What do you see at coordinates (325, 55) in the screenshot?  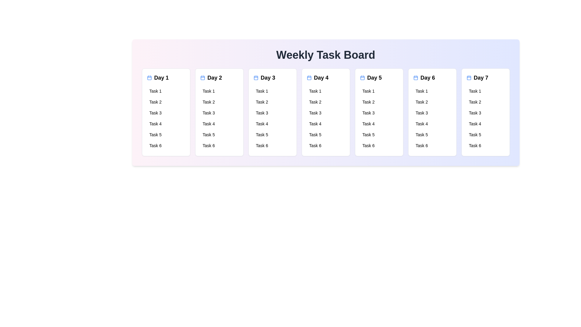 I see `the 'Weekly Task Board' header` at bounding box center [325, 55].